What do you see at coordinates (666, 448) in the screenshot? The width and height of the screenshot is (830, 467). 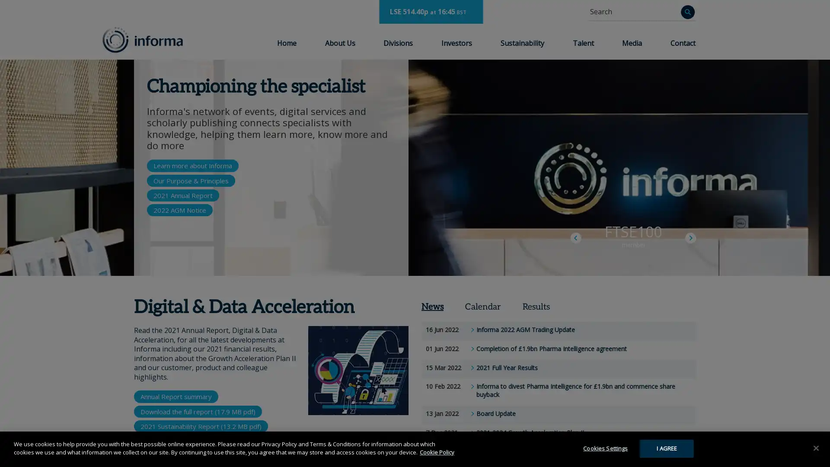 I see `I AGREE` at bounding box center [666, 448].